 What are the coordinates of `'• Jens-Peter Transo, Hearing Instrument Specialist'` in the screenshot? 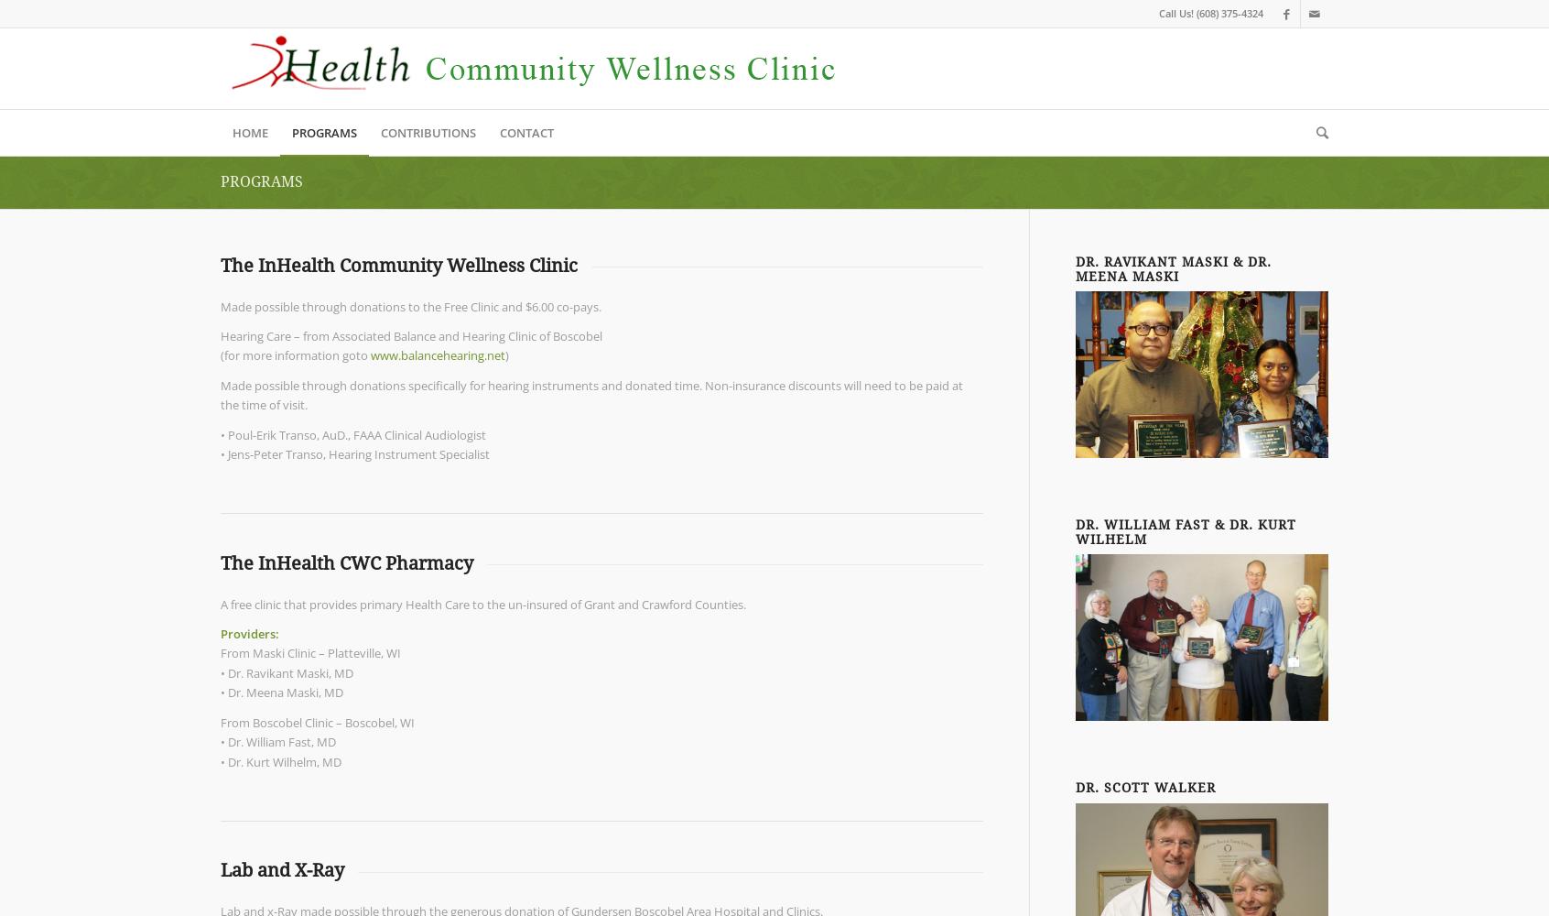 It's located at (220, 453).